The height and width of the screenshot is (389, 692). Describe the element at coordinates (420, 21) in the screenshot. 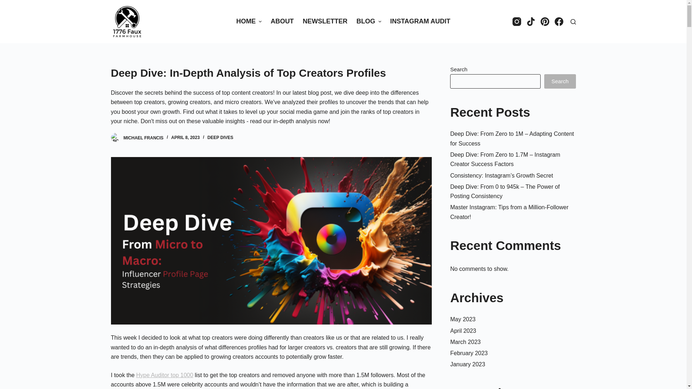

I see `'INSTAGRAM AUDIT'` at that location.